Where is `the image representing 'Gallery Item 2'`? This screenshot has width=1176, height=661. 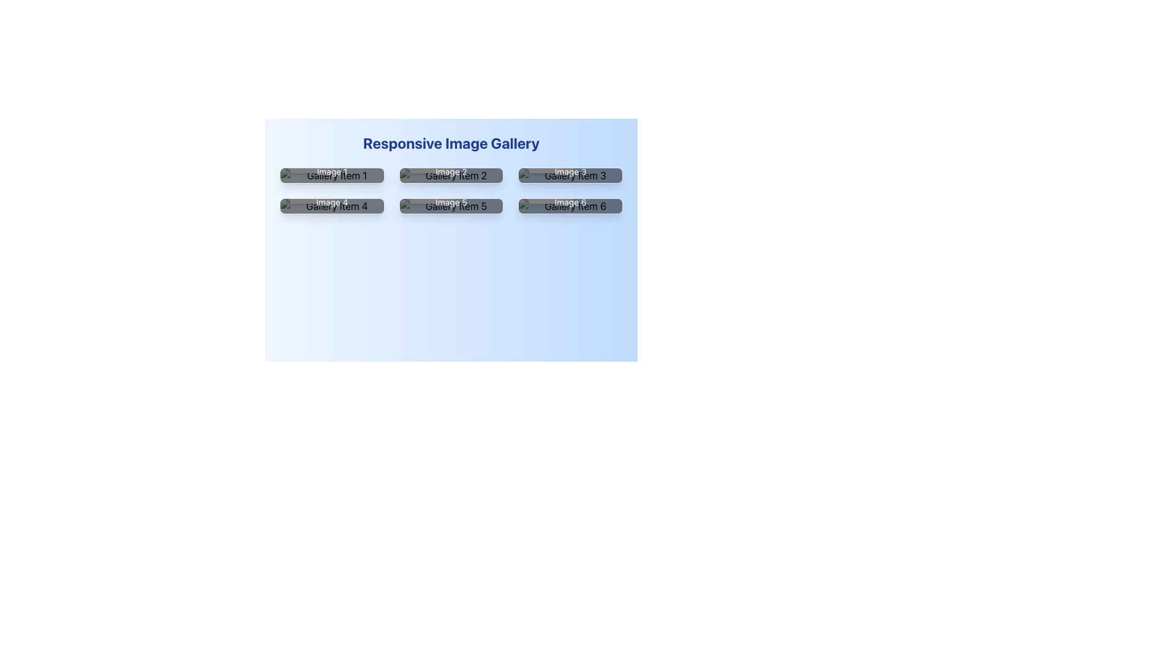
the image representing 'Gallery Item 2' is located at coordinates (450, 175).